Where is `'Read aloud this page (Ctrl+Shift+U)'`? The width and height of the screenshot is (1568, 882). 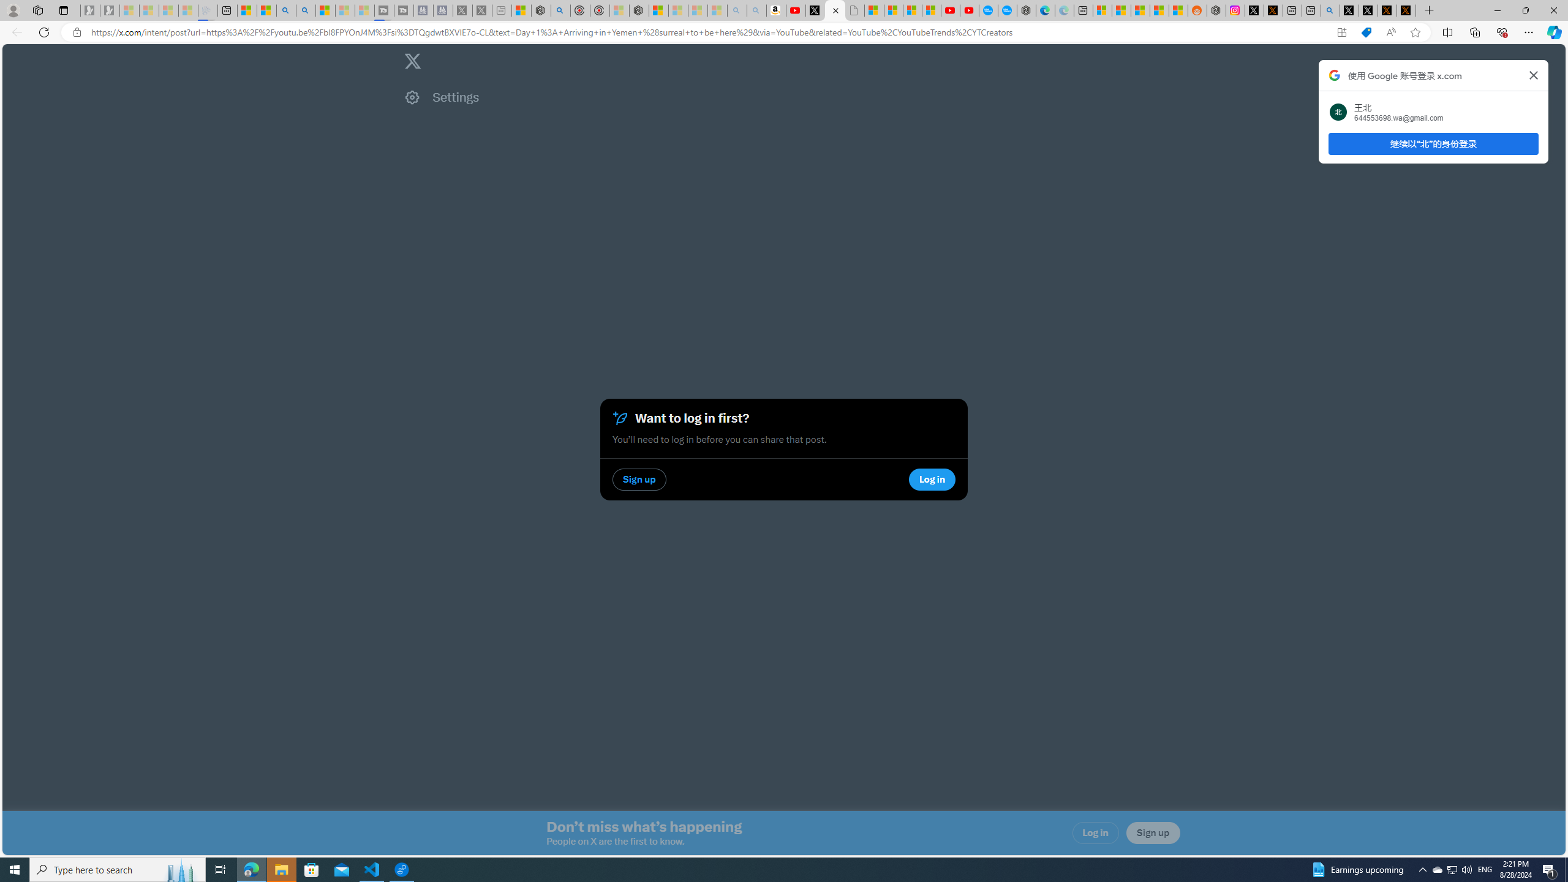 'Read aloud this page (Ctrl+Shift+U)' is located at coordinates (1390, 32).